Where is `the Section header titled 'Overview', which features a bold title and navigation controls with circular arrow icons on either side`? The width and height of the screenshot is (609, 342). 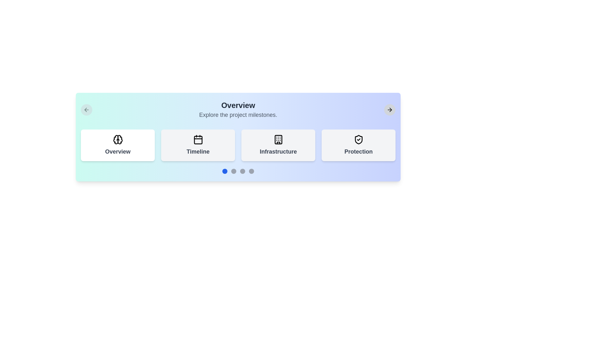
the Section header titled 'Overview', which features a bold title and navigation controls with circular arrow icons on either side is located at coordinates (238, 110).